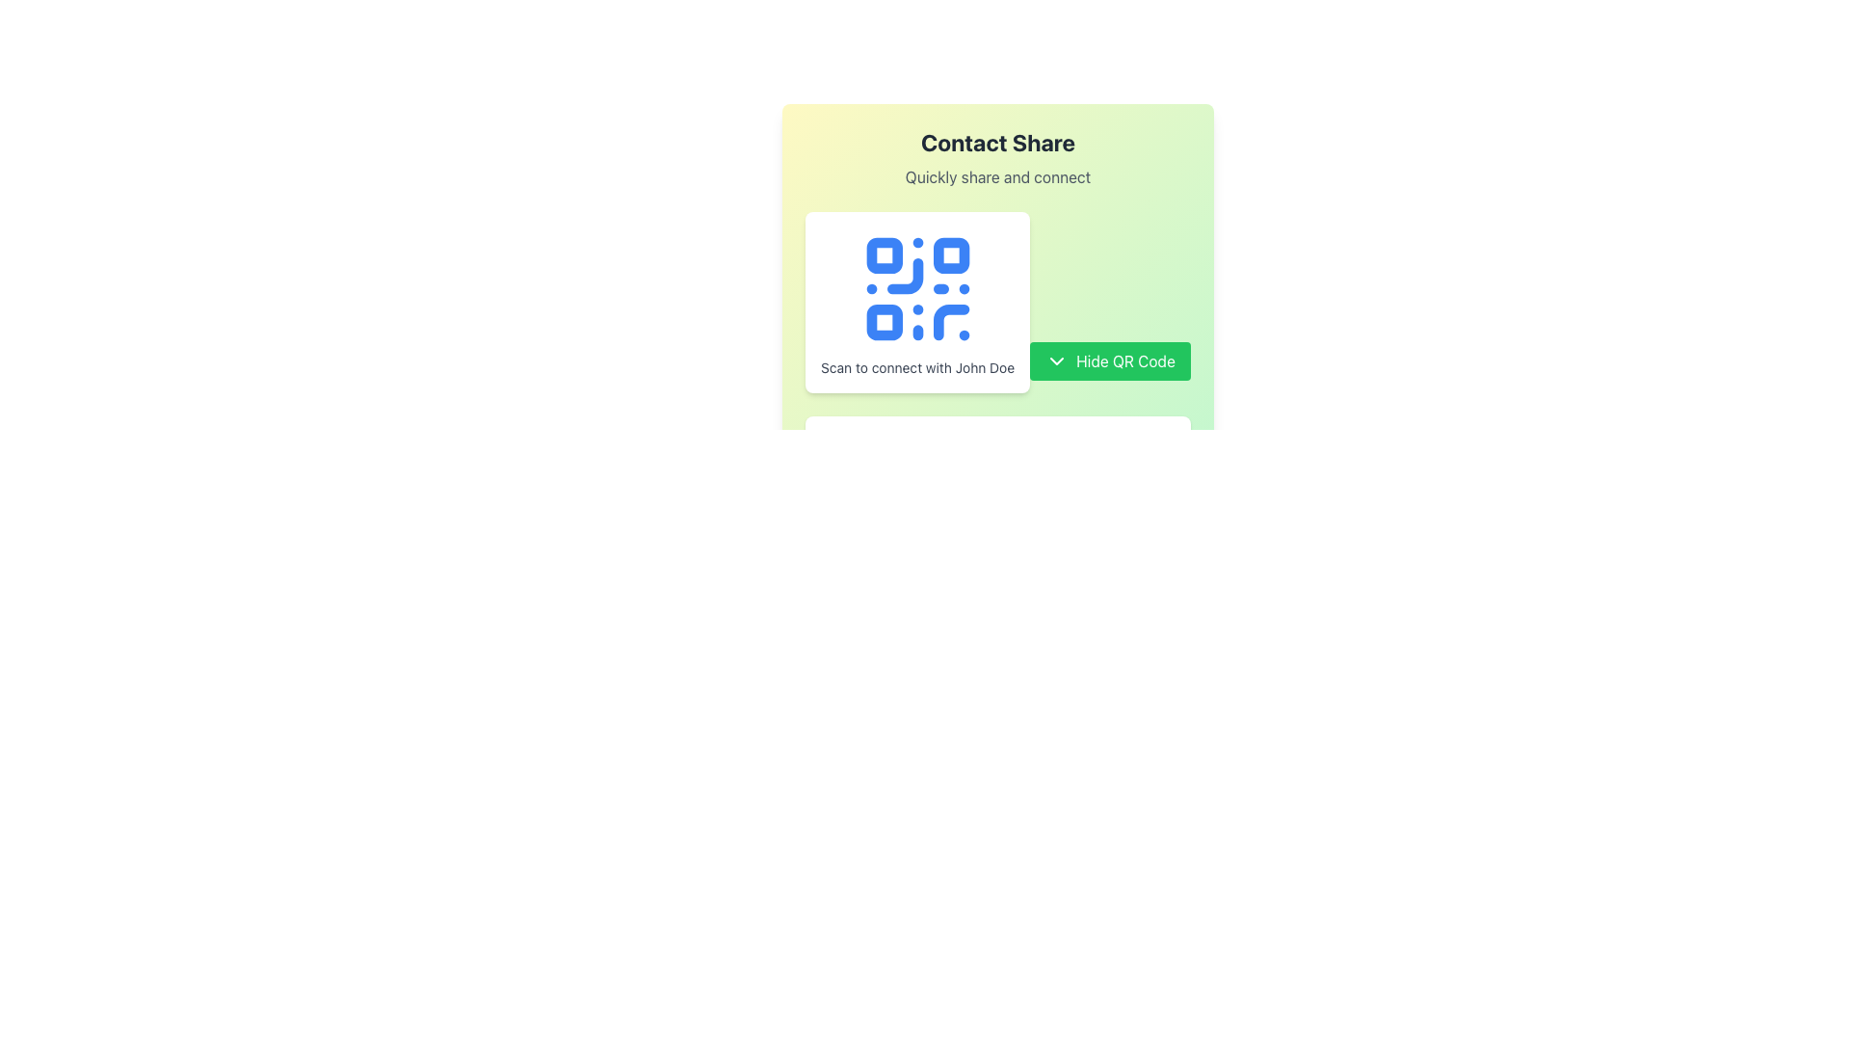 The image size is (1850, 1041). What do you see at coordinates (1056, 360) in the screenshot?
I see `the downward-pointing chevron icon located within the green button labeled 'Hide QR Code' to infer additional information` at bounding box center [1056, 360].